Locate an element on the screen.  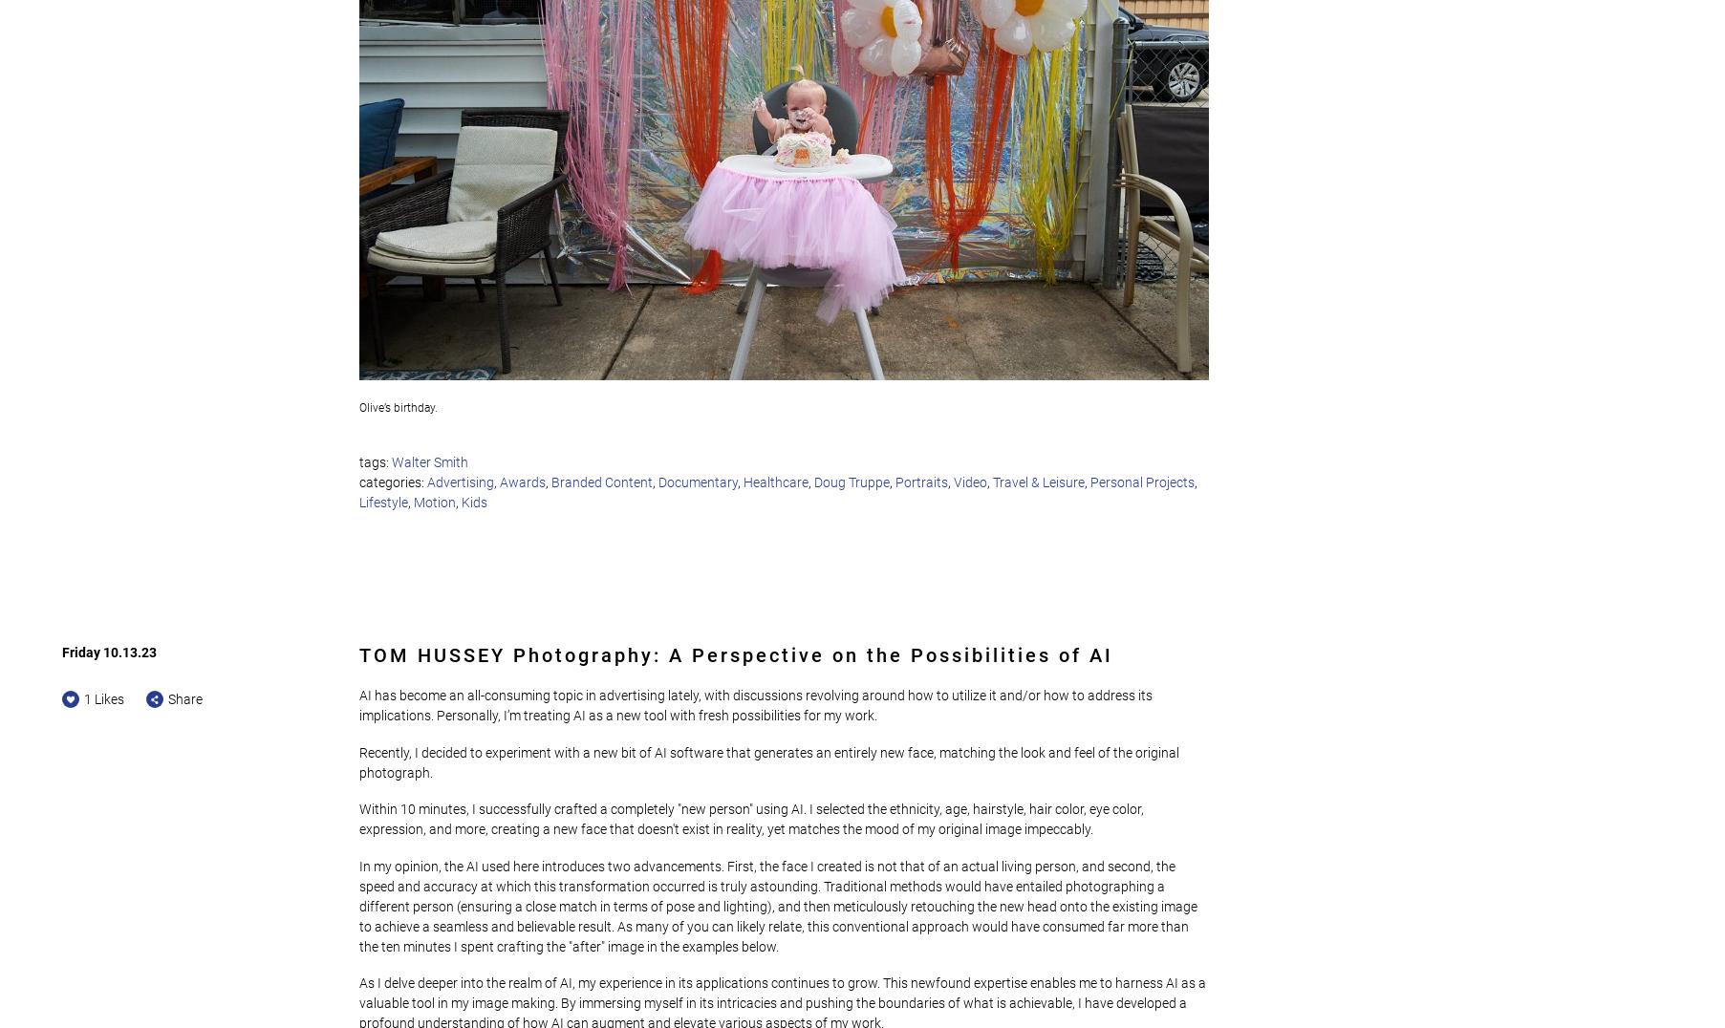
'1 Likes' is located at coordinates (104, 698).